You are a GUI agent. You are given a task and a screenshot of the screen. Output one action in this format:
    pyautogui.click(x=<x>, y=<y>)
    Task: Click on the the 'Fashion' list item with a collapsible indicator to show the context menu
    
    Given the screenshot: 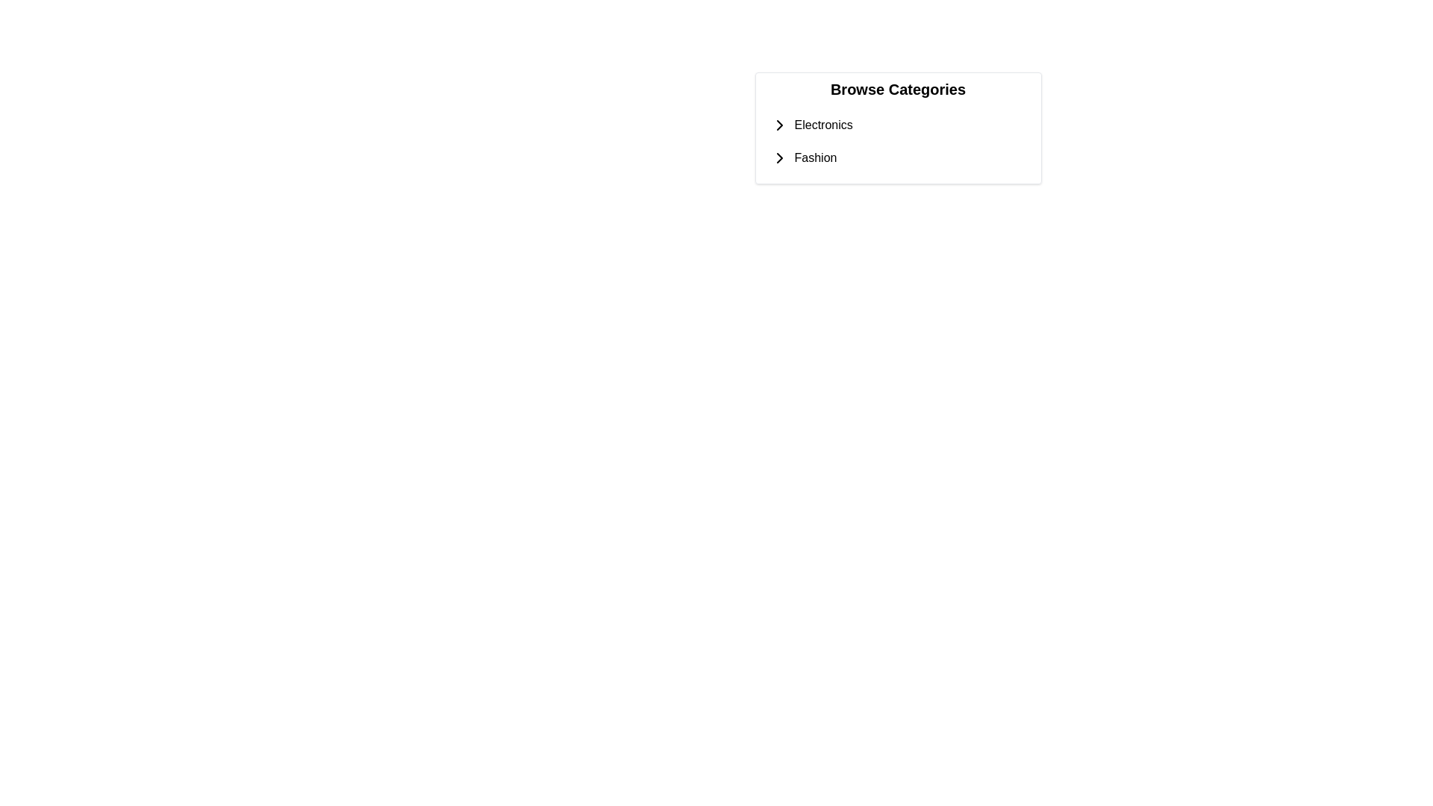 What is the action you would take?
    pyautogui.click(x=897, y=158)
    